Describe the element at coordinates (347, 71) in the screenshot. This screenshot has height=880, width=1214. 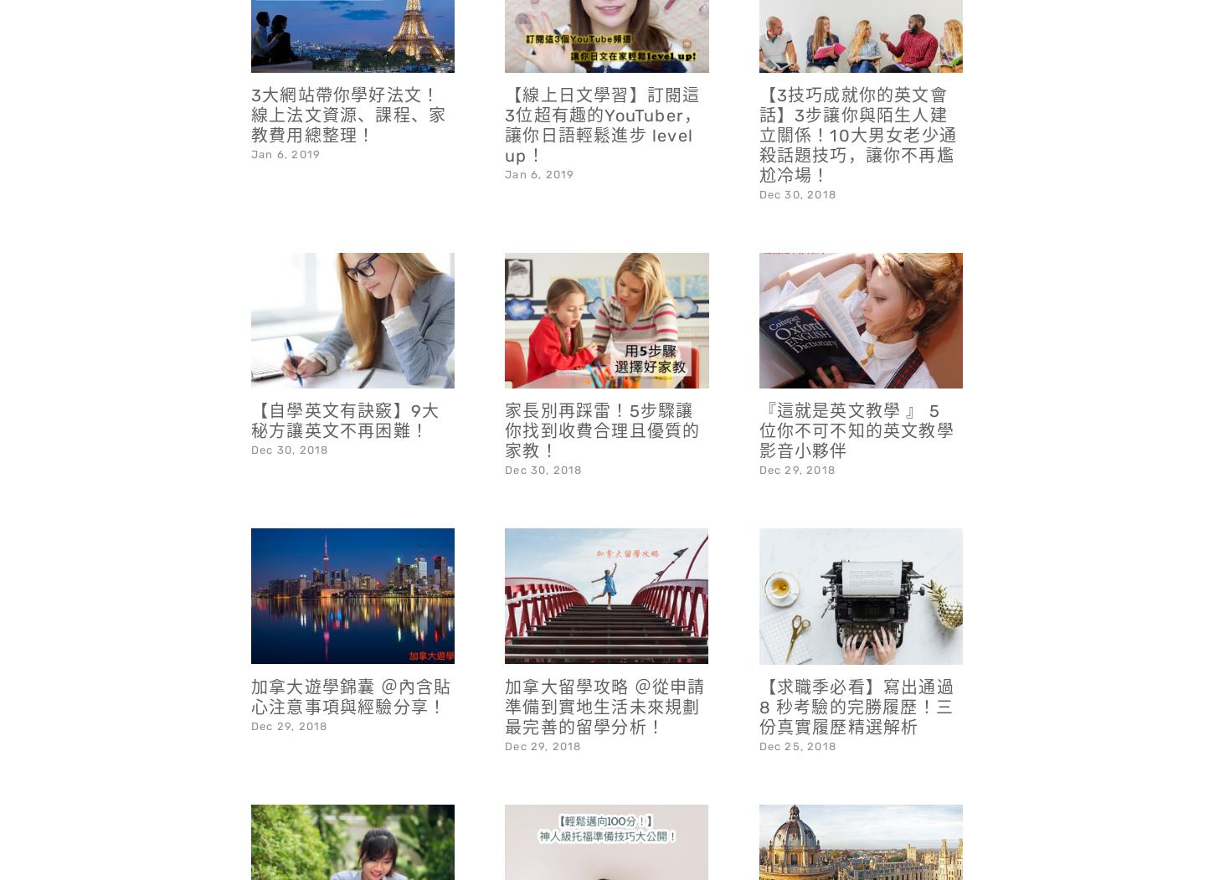
I see `'3大網站帶你學好法文！線上法文資源、課程、家教費用總整理！'` at that location.